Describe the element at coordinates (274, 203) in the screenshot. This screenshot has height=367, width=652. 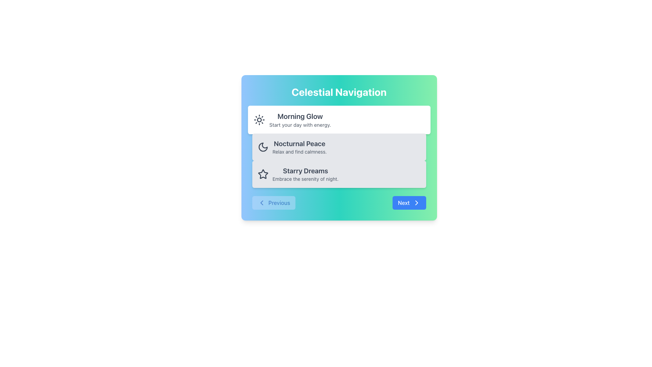
I see `the disabled 'Previous' navigation button located at the bottom-left side of the 'Celestial Navigation' panel` at that location.